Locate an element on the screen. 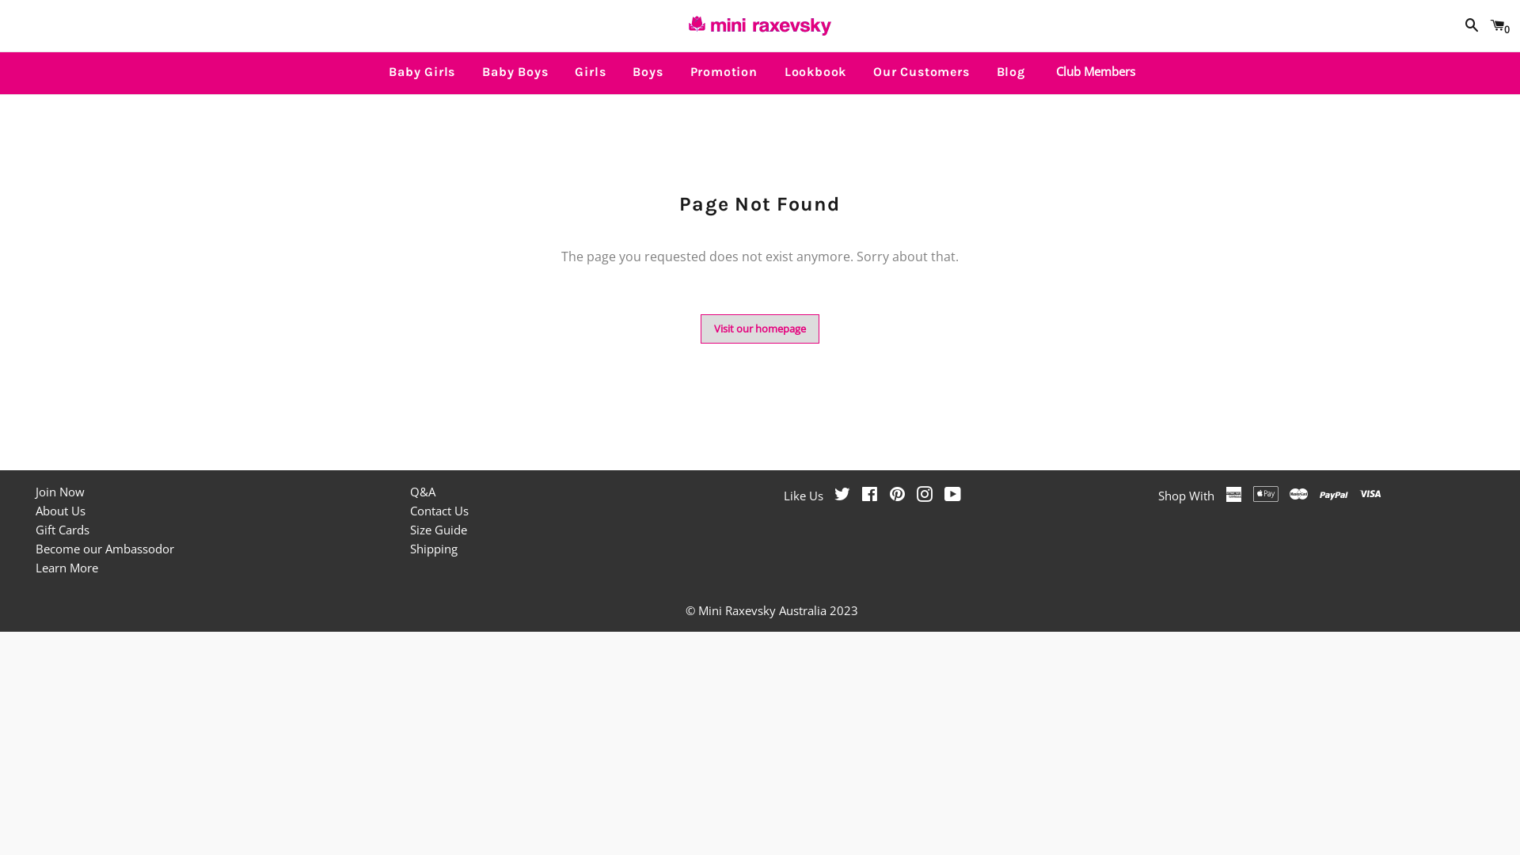 This screenshot has height=855, width=1520. 'Gift Cards' is located at coordinates (62, 529).